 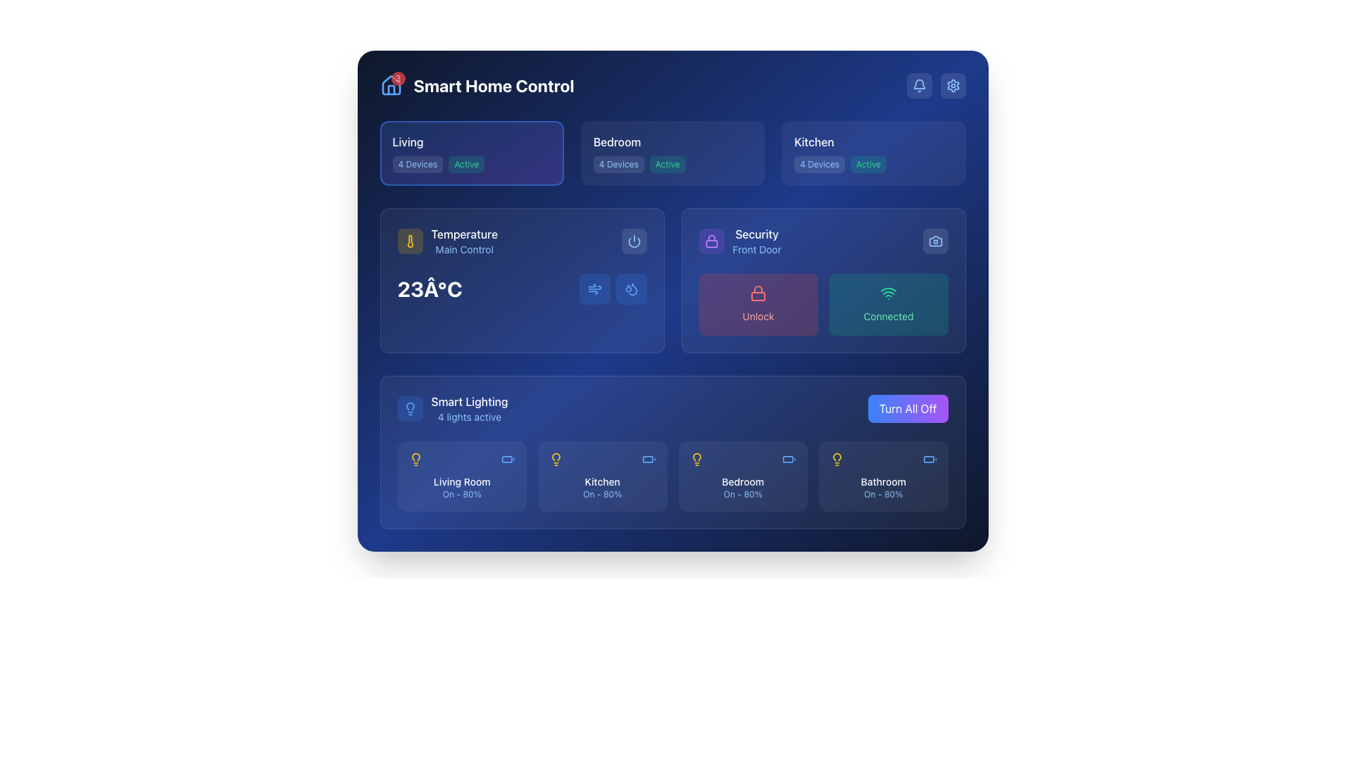 What do you see at coordinates (618, 164) in the screenshot?
I see `the Text Label indicating the number of devices associated with the 'Bedroom' section, located at the top-center of the interface` at bounding box center [618, 164].